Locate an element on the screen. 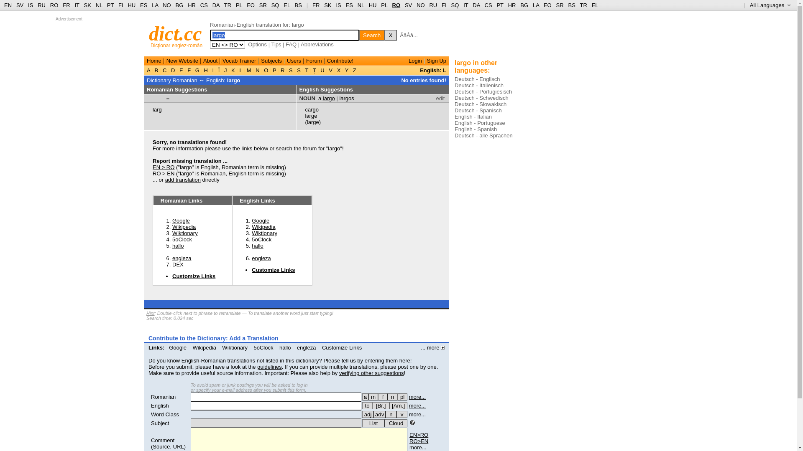  'List' is located at coordinates (373, 423).